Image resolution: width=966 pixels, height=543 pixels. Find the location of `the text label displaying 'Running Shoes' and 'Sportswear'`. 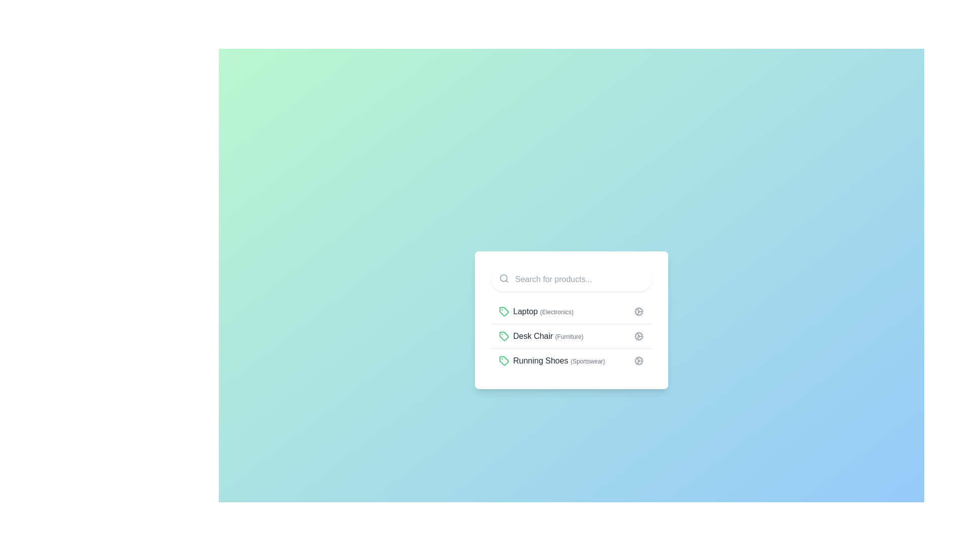

the text label displaying 'Running Shoes' and 'Sportswear' is located at coordinates (558, 360).